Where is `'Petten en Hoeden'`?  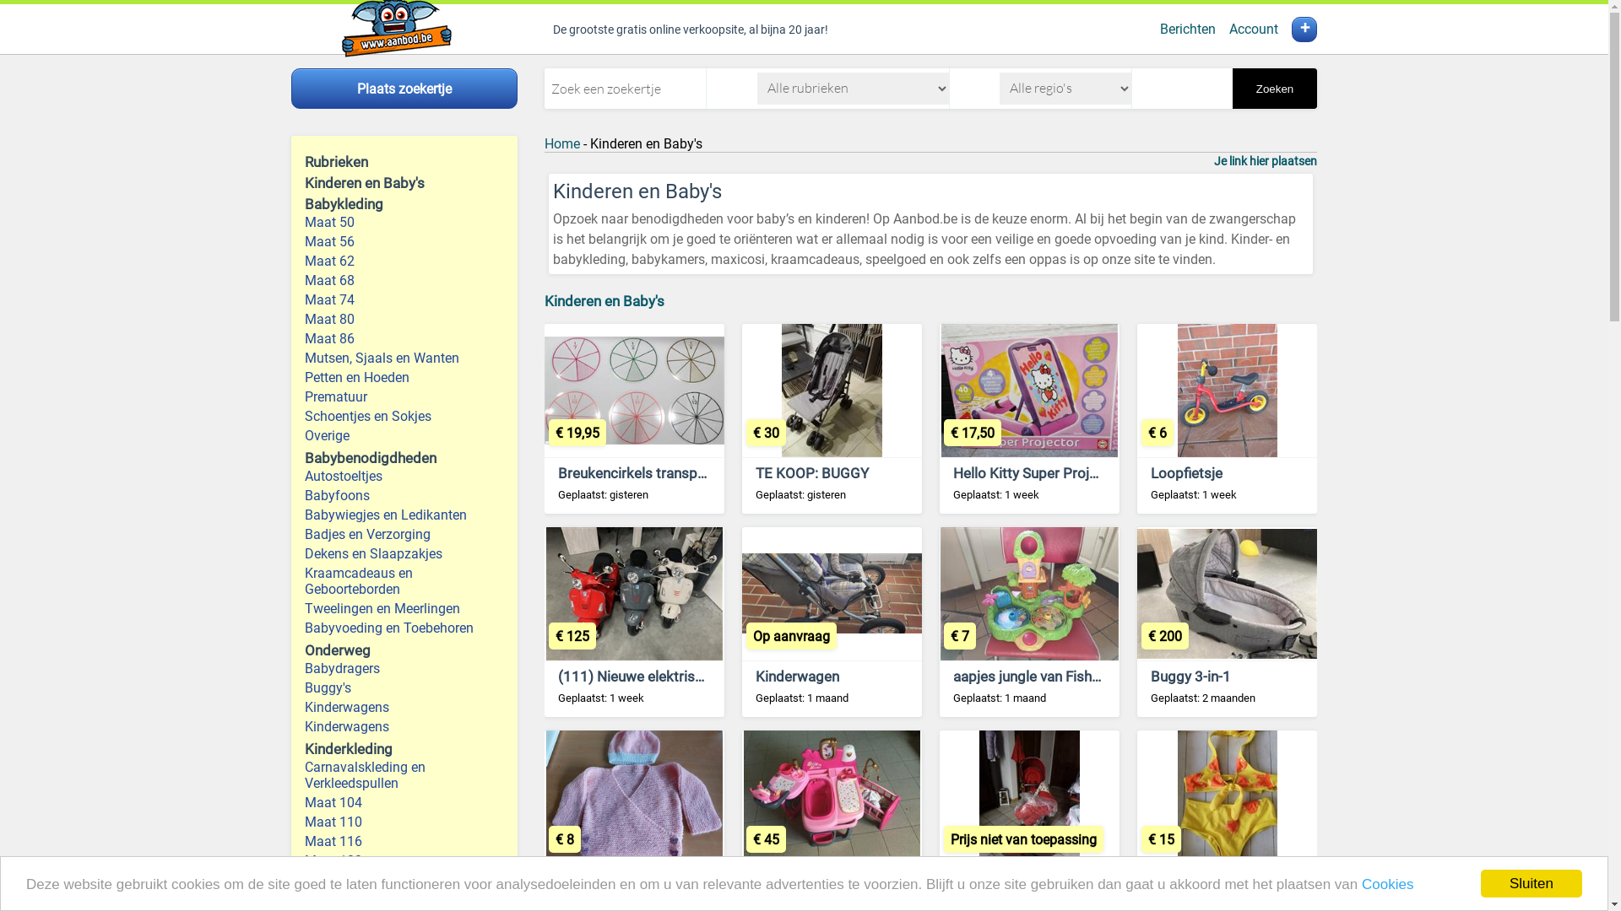 'Petten en Hoeden' is located at coordinates (404, 376).